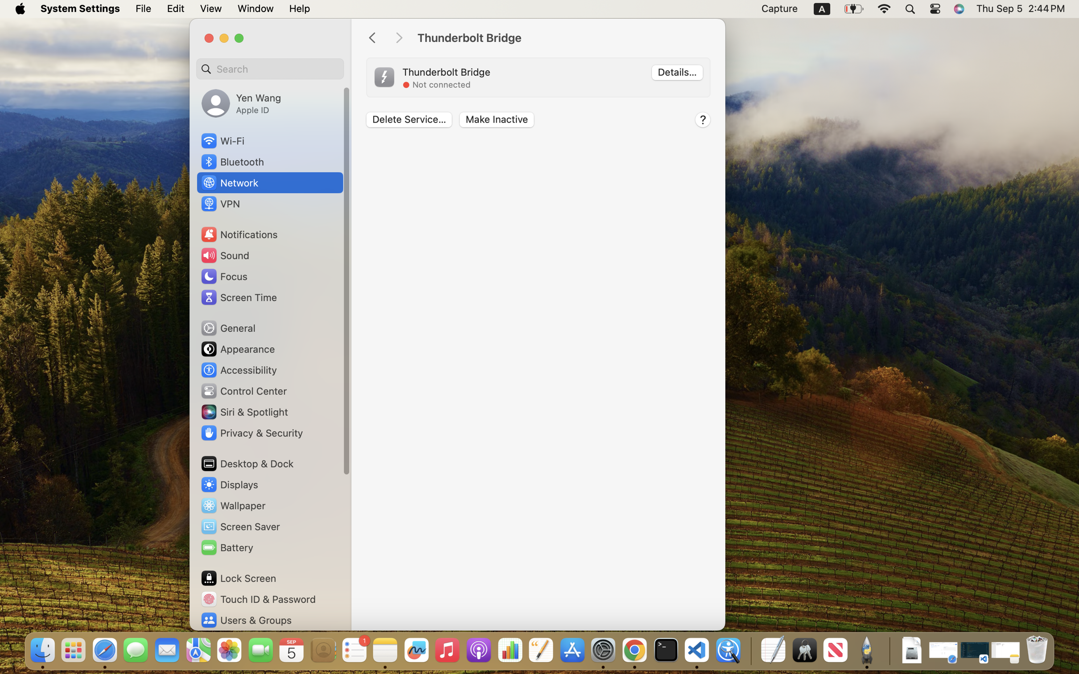 Image resolution: width=1079 pixels, height=674 pixels. Describe the element at coordinates (222, 140) in the screenshot. I see `'Wi‑Fi'` at that location.